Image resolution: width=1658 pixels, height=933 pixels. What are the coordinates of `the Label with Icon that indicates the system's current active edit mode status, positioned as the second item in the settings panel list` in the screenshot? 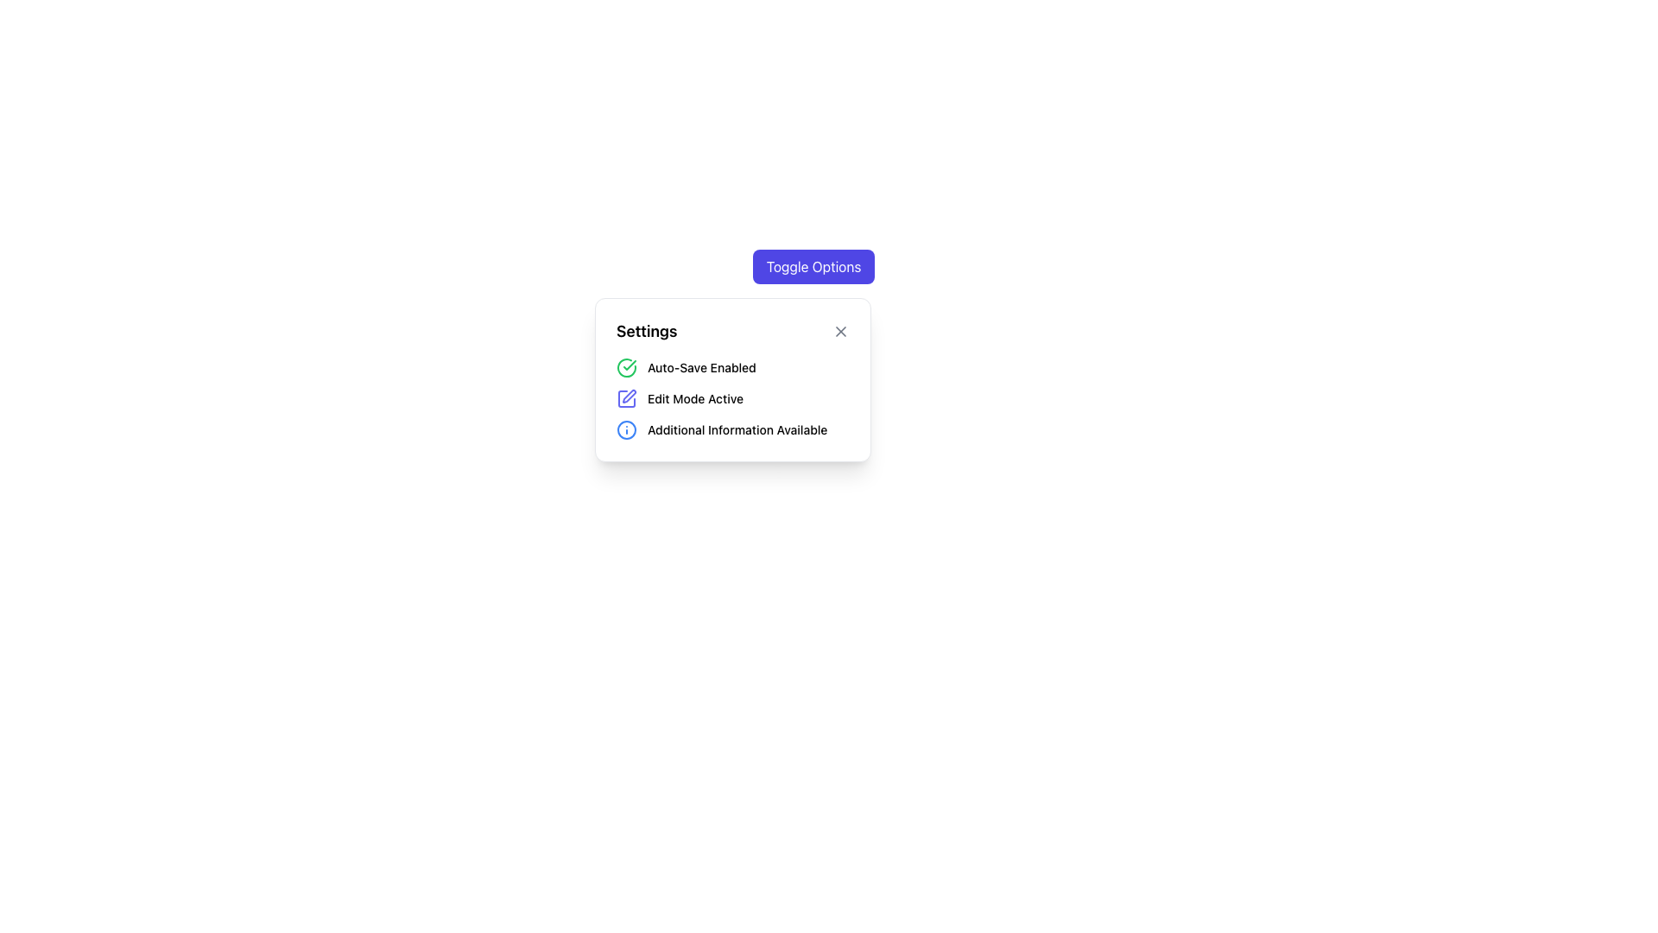 It's located at (733, 399).